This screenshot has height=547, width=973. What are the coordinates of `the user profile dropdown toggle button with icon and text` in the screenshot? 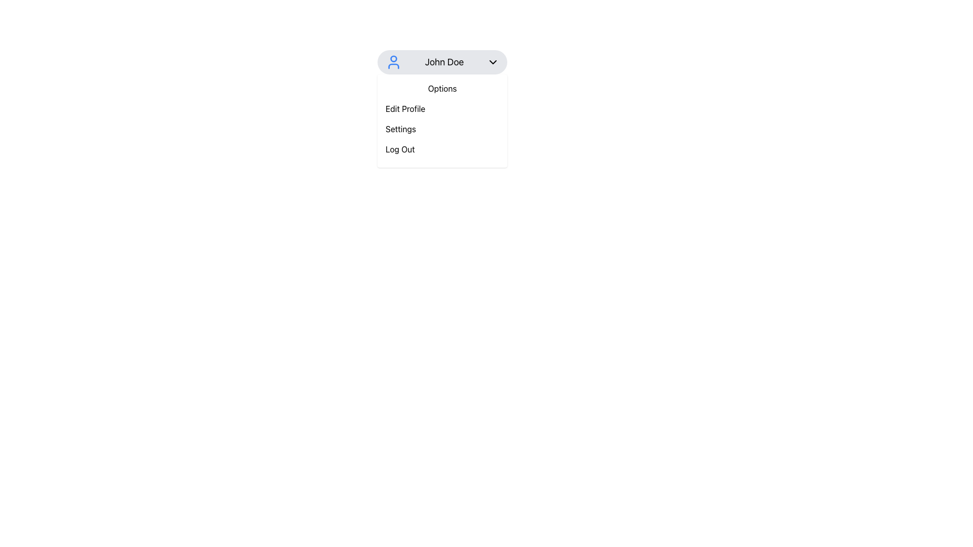 It's located at (442, 62).